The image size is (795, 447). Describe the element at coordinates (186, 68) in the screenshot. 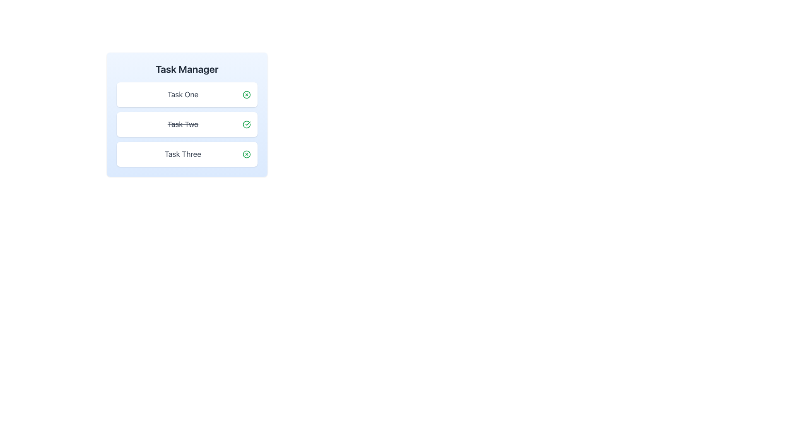

I see `the 'Task Manager' text header` at that location.